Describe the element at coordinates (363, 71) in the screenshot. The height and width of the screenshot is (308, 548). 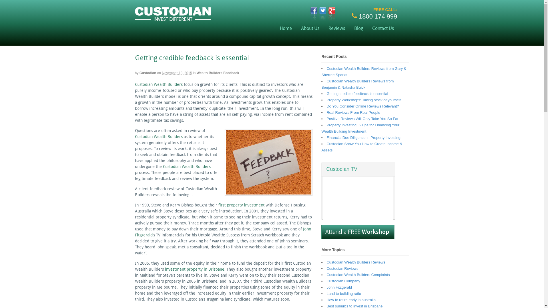
I see `'Custodian Wealth Builders Reviews from Gary & Sherree Sparks'` at that location.